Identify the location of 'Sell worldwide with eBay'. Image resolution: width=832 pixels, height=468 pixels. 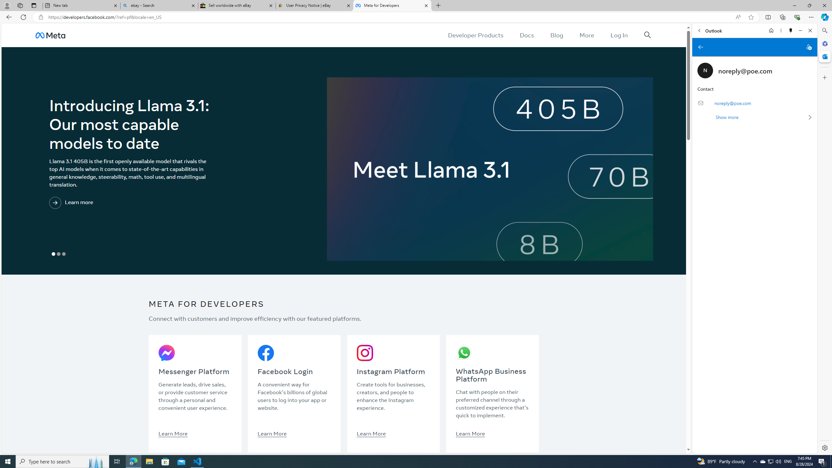
(237, 5).